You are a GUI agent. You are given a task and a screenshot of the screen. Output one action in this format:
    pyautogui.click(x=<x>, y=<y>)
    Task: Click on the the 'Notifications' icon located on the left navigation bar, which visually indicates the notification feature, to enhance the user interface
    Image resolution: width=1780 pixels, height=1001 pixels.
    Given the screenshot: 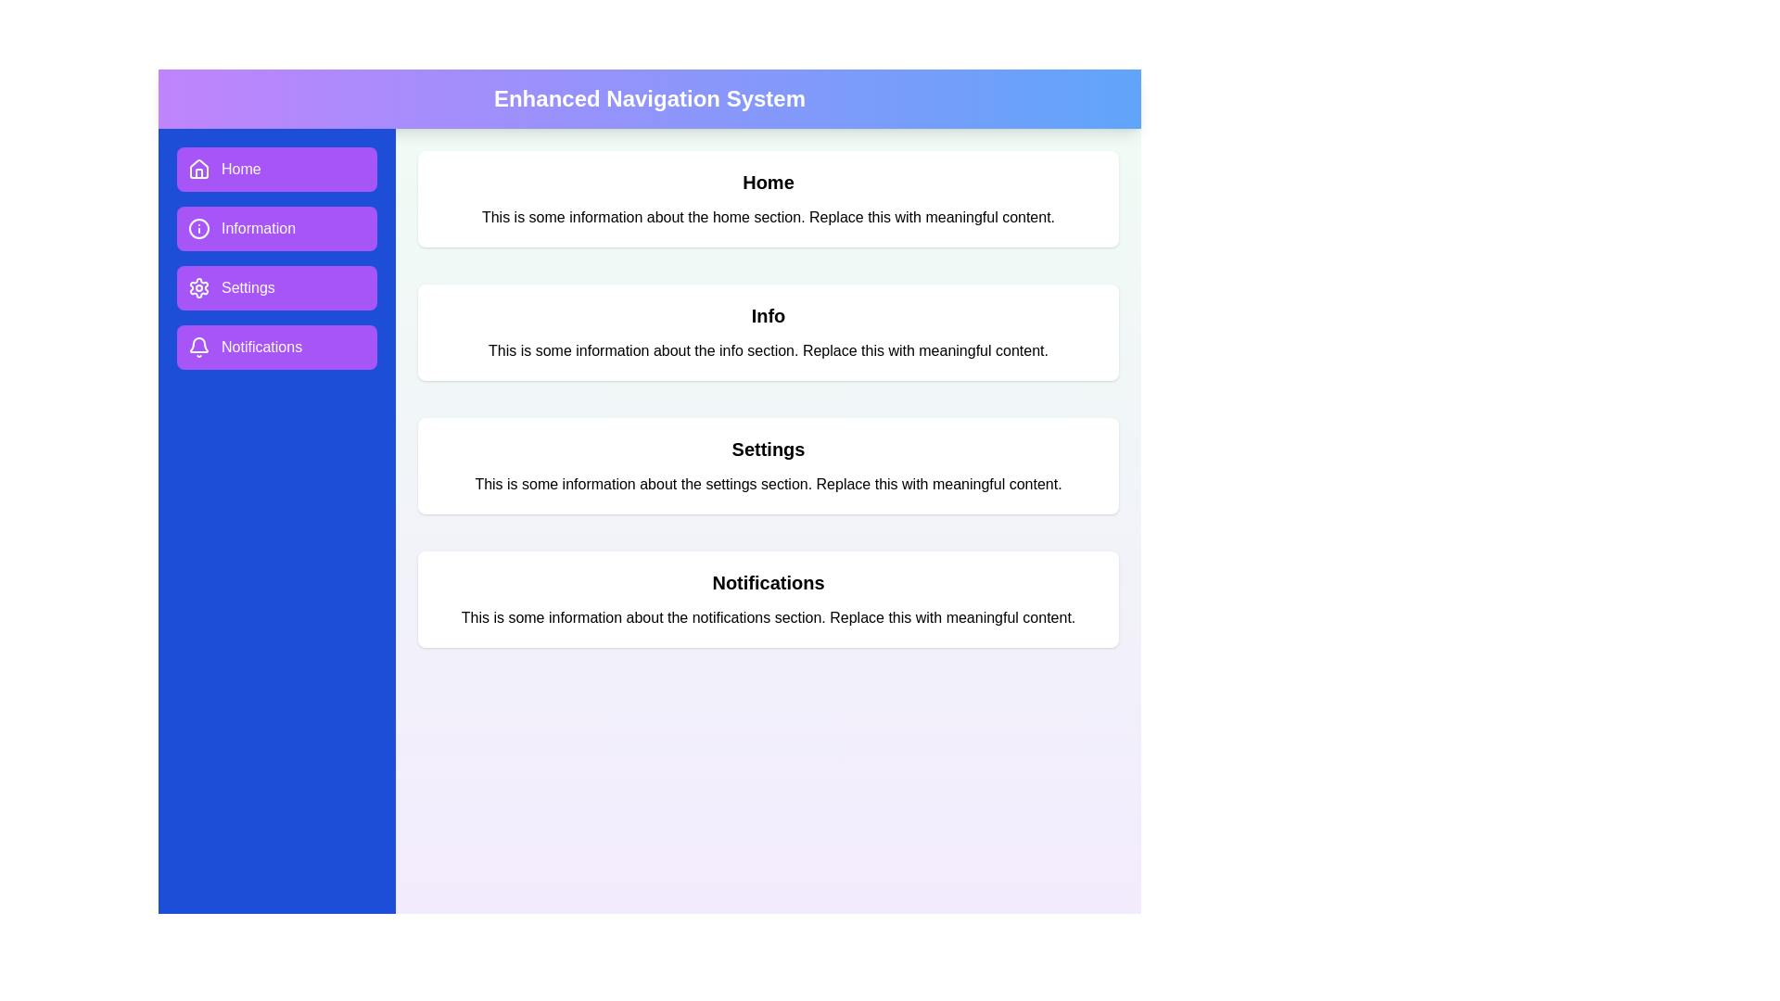 What is the action you would take?
    pyautogui.click(x=199, y=347)
    